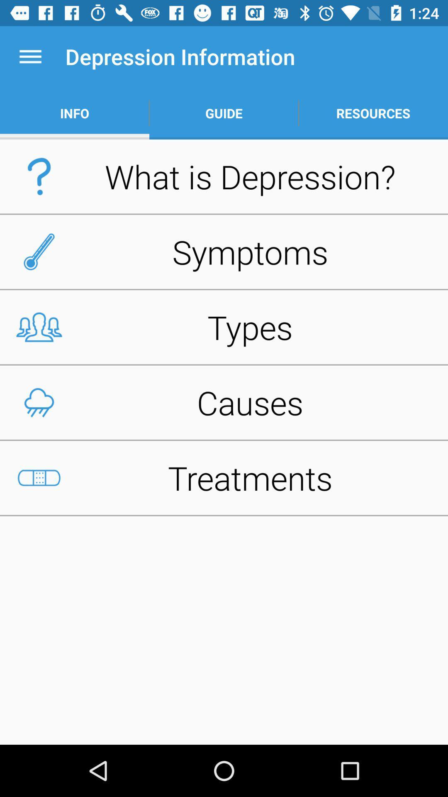 The image size is (448, 797). What do you see at coordinates (373, 113) in the screenshot?
I see `app to the right of guide item` at bounding box center [373, 113].